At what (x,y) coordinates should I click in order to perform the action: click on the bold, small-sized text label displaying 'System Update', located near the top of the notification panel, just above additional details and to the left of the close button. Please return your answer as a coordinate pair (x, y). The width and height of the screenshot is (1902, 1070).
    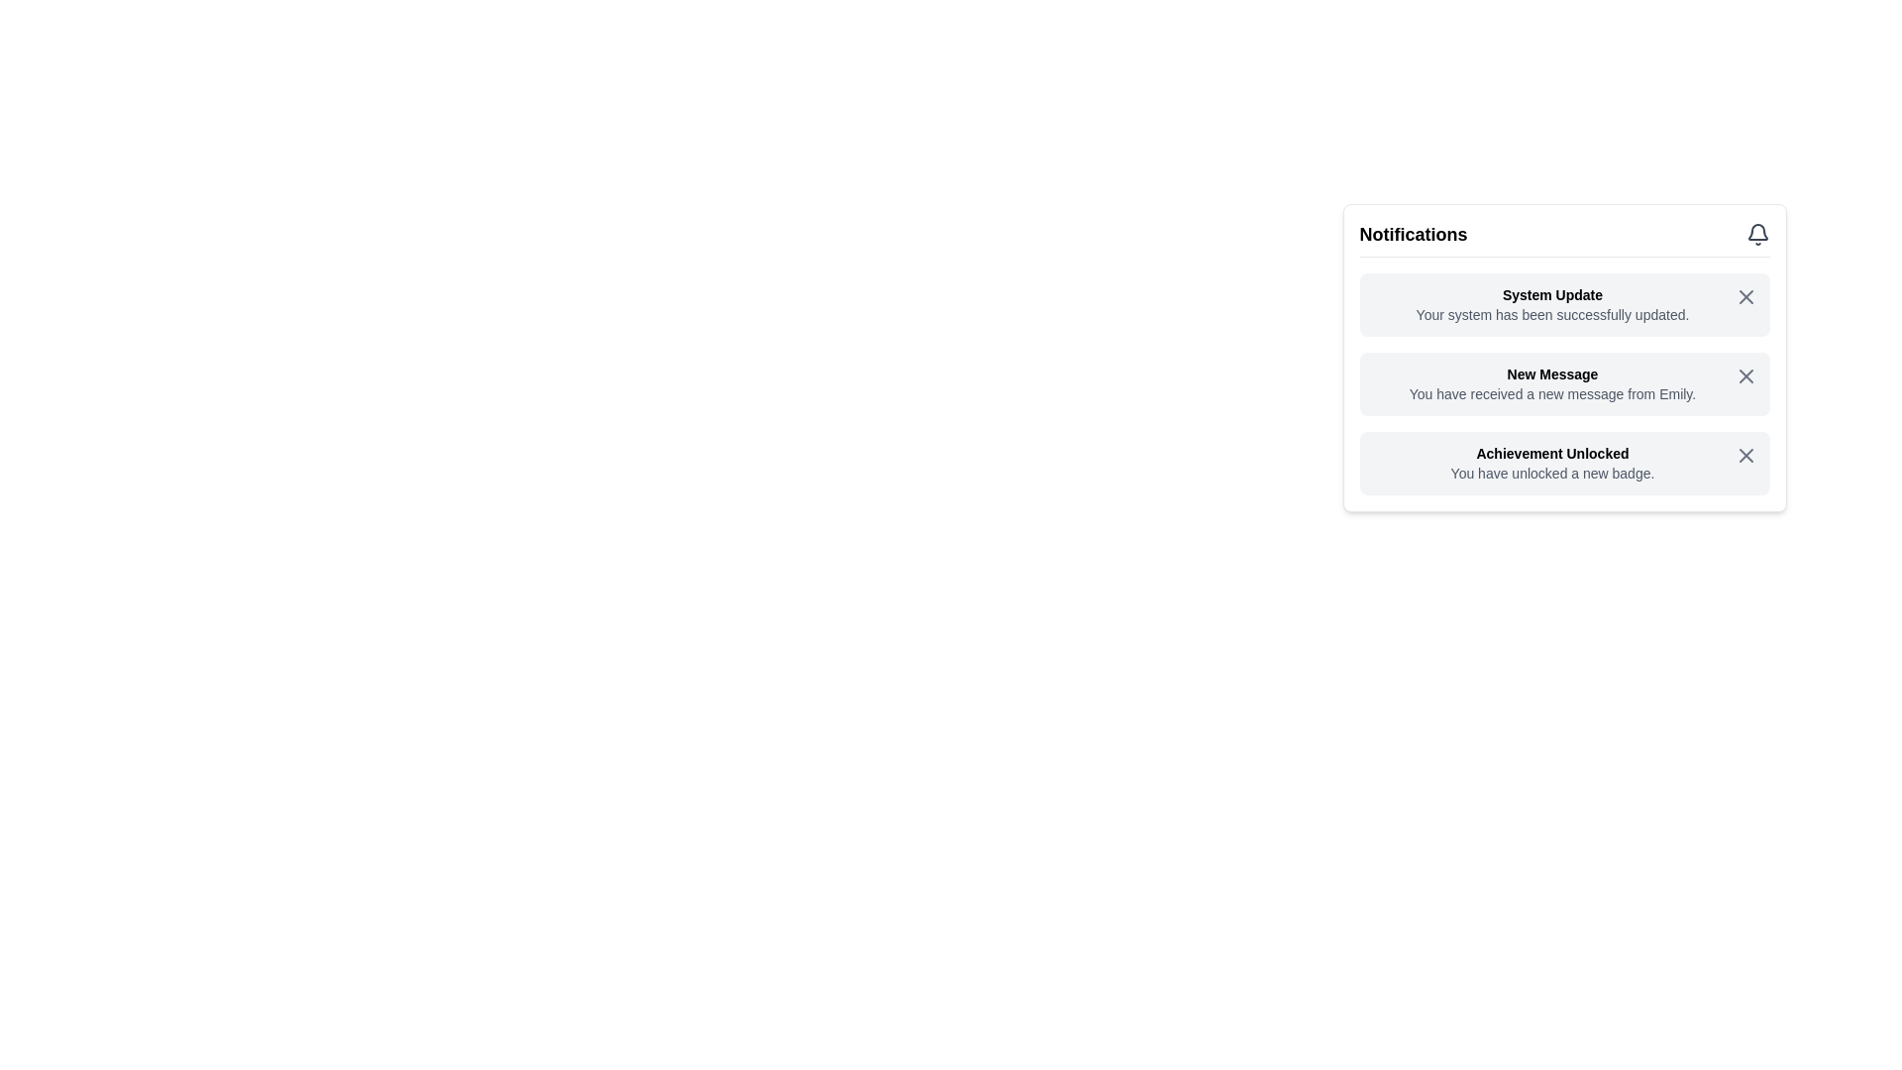
    Looking at the image, I should click on (1551, 294).